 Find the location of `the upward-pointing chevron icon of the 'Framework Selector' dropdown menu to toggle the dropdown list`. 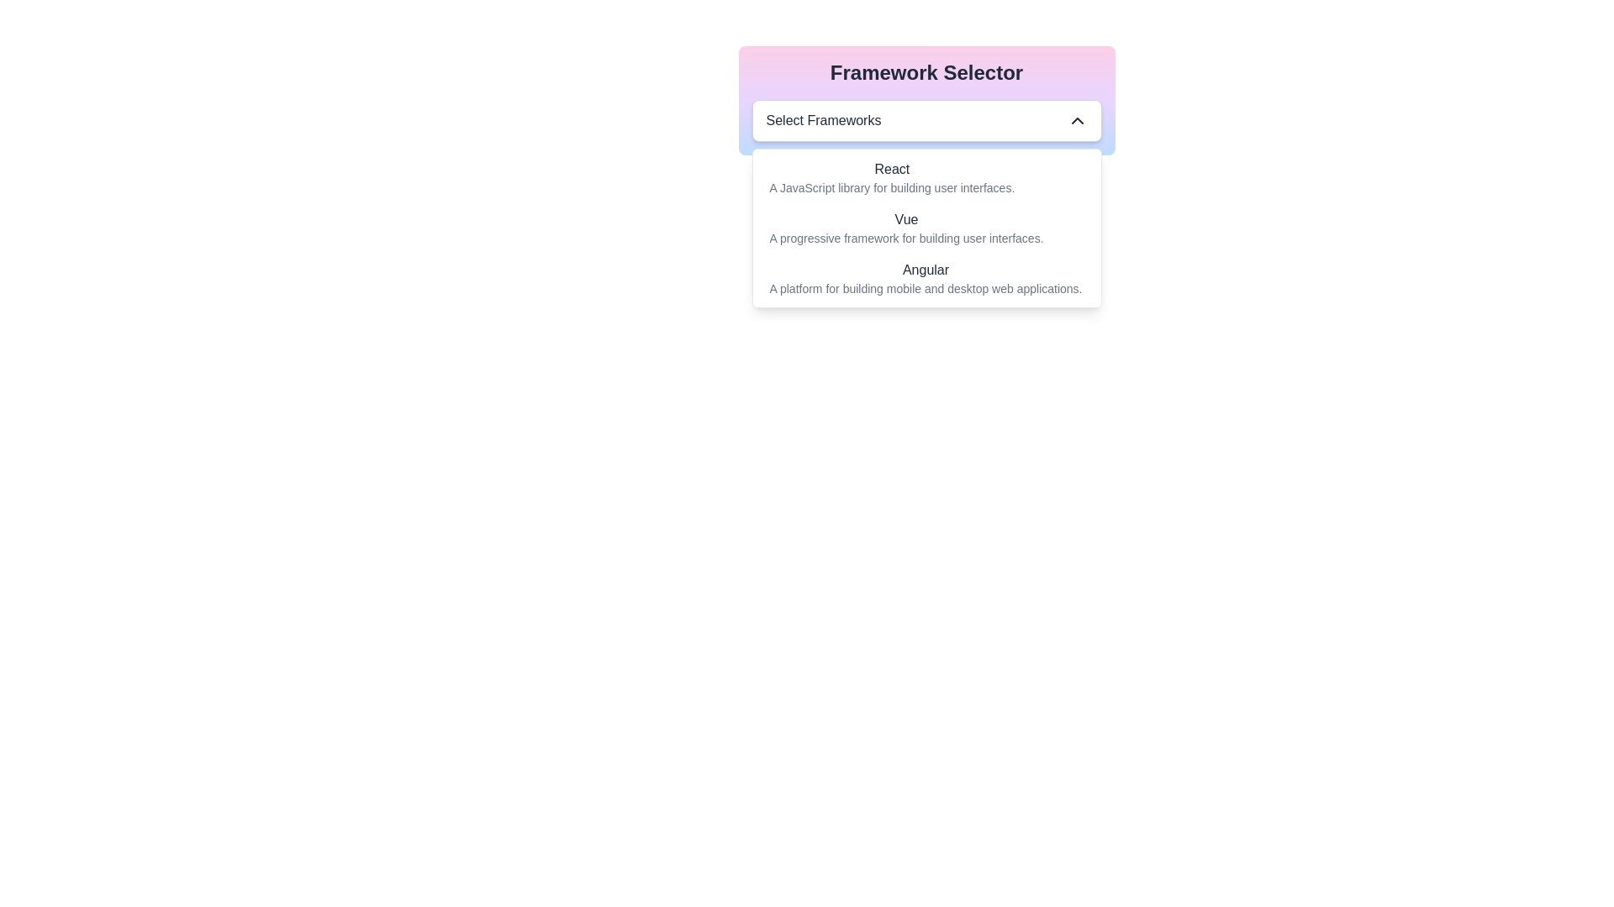

the upward-pointing chevron icon of the 'Framework Selector' dropdown menu to toggle the dropdown list is located at coordinates (926, 100).